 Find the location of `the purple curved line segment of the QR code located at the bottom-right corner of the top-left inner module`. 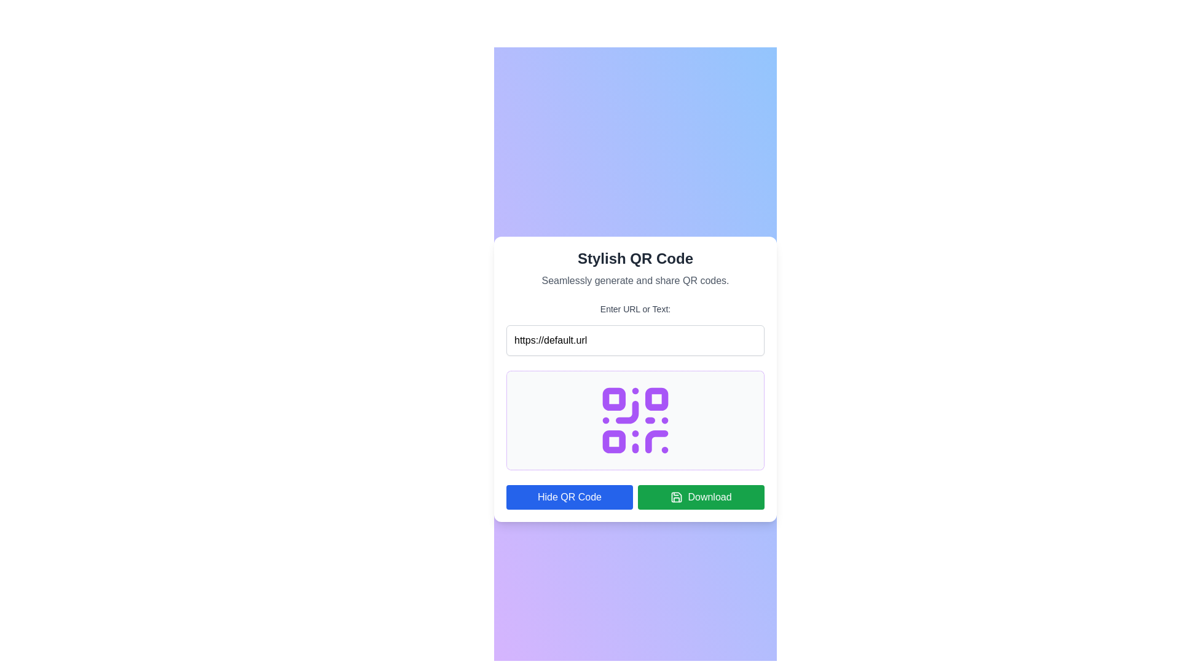

the purple curved line segment of the QR code located at the bottom-right corner of the top-left inner module is located at coordinates (627, 412).